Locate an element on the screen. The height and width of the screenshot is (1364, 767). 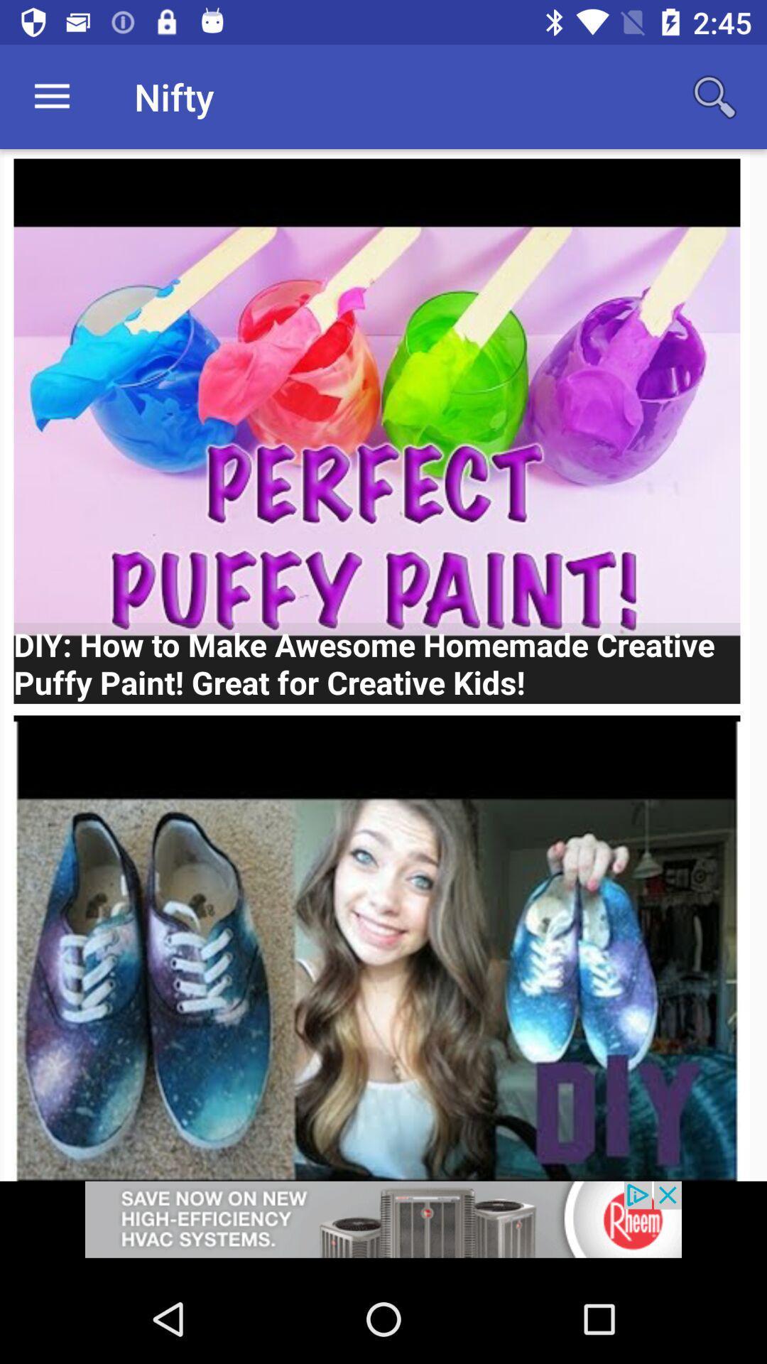
open advertisement is located at coordinates (383, 1227).